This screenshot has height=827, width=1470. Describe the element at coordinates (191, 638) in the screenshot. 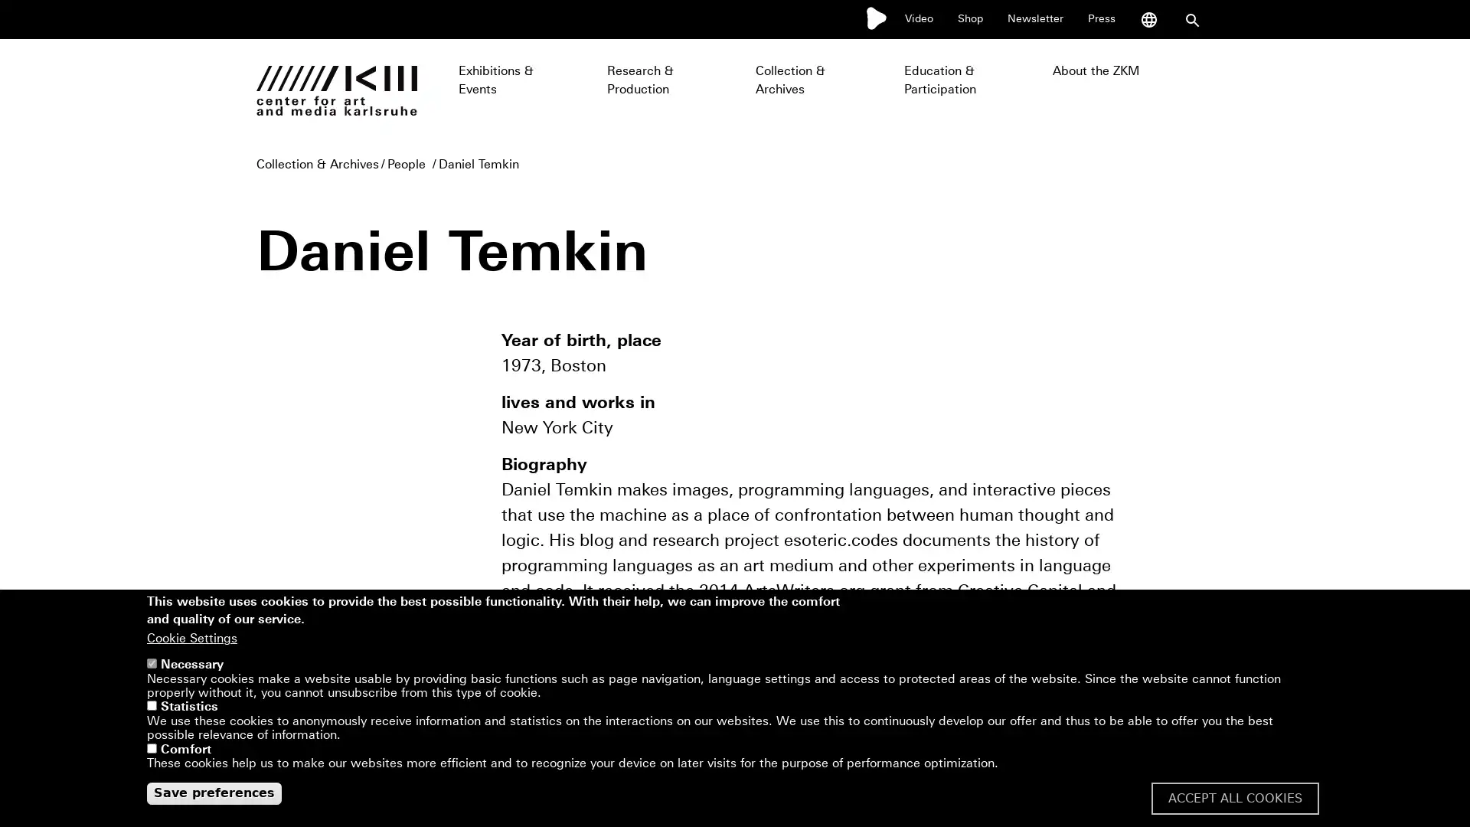

I see `Cookie Settings` at that location.